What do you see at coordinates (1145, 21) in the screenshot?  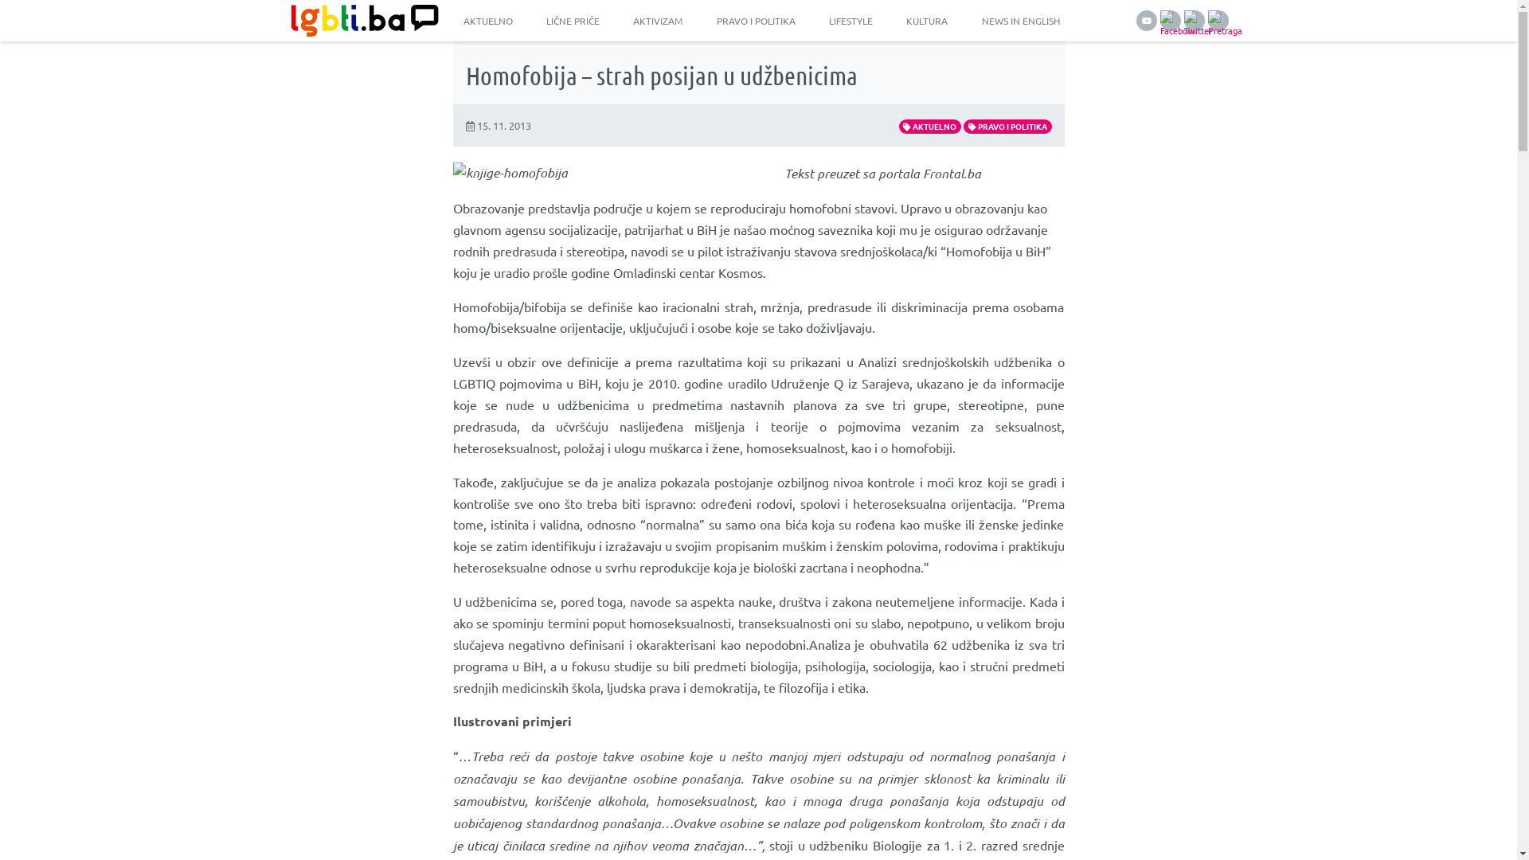 I see `'YouTube'` at bounding box center [1145, 21].